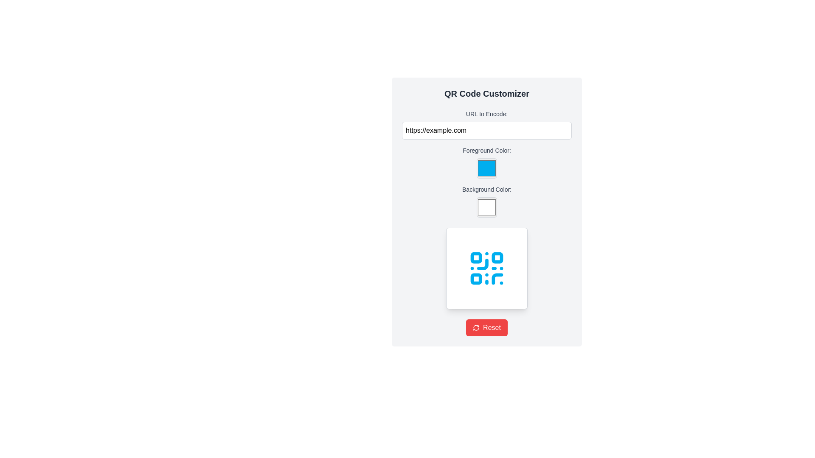  Describe the element at coordinates (487, 150) in the screenshot. I see `the text label that reads 'Foreground Color:'` at that location.